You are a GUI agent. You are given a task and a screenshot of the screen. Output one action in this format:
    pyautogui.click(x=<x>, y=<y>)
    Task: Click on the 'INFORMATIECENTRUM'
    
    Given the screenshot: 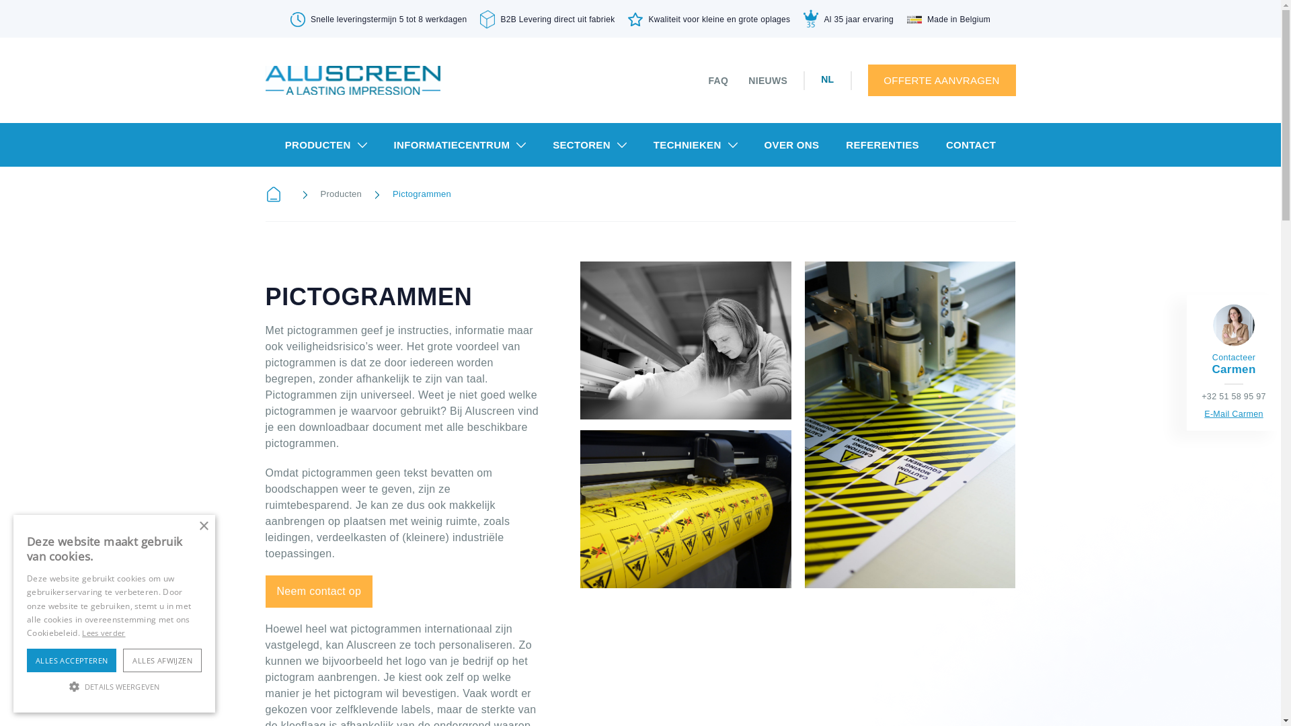 What is the action you would take?
    pyautogui.click(x=460, y=145)
    